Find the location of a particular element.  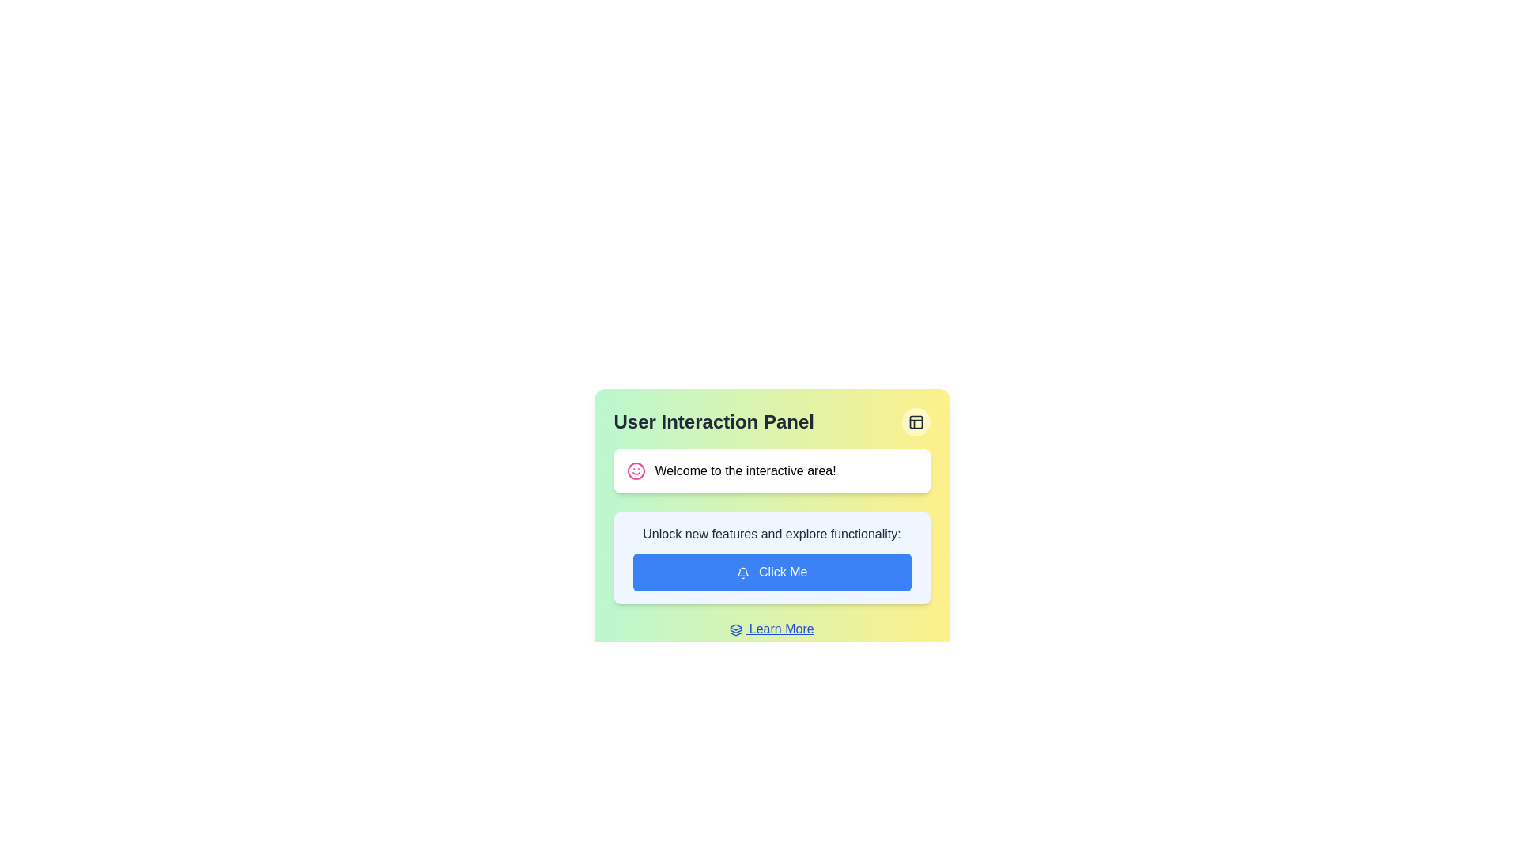

the hyperlink styled as a button located at the bottom center of the 'User Interaction Panel' is located at coordinates (772, 628).